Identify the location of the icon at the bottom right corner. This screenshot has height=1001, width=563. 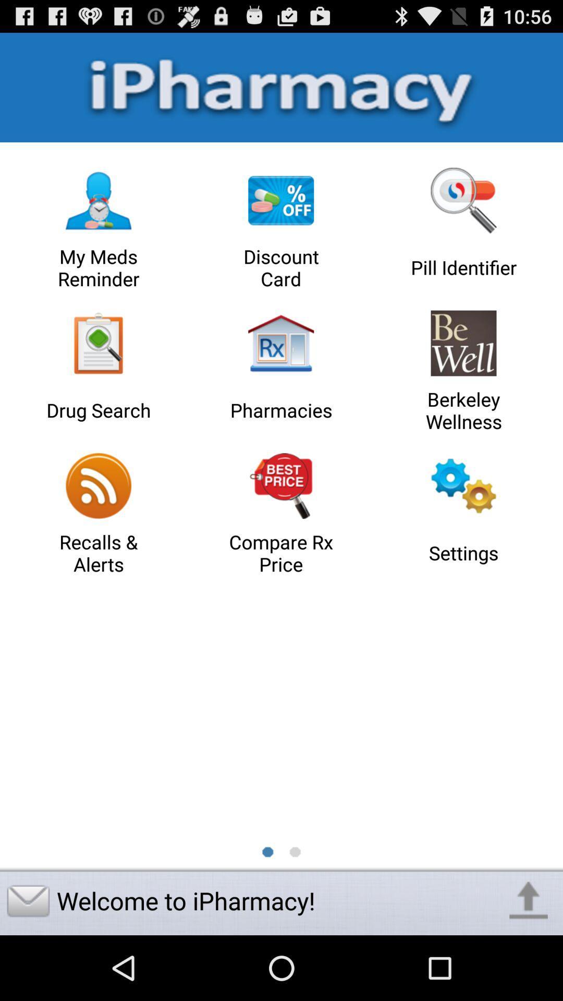
(529, 900).